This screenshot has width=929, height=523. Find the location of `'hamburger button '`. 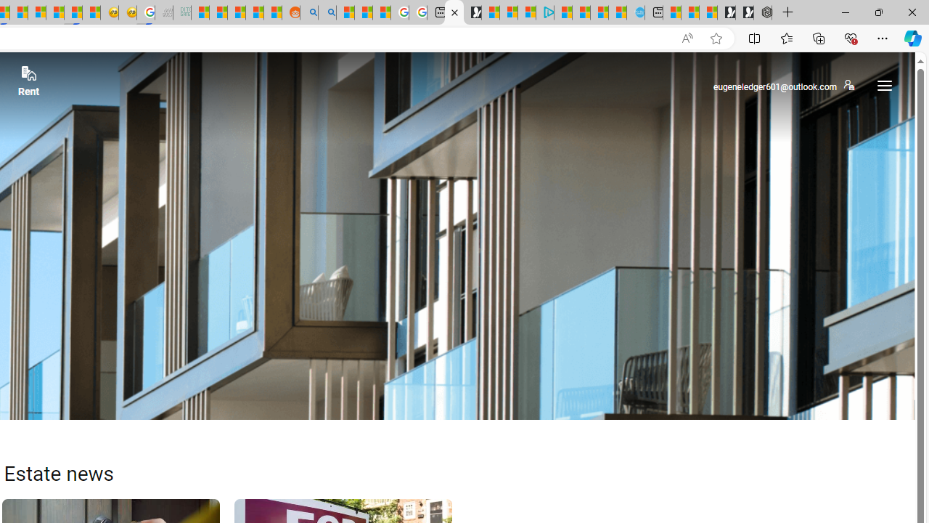

'hamburger button ' is located at coordinates (883, 86).